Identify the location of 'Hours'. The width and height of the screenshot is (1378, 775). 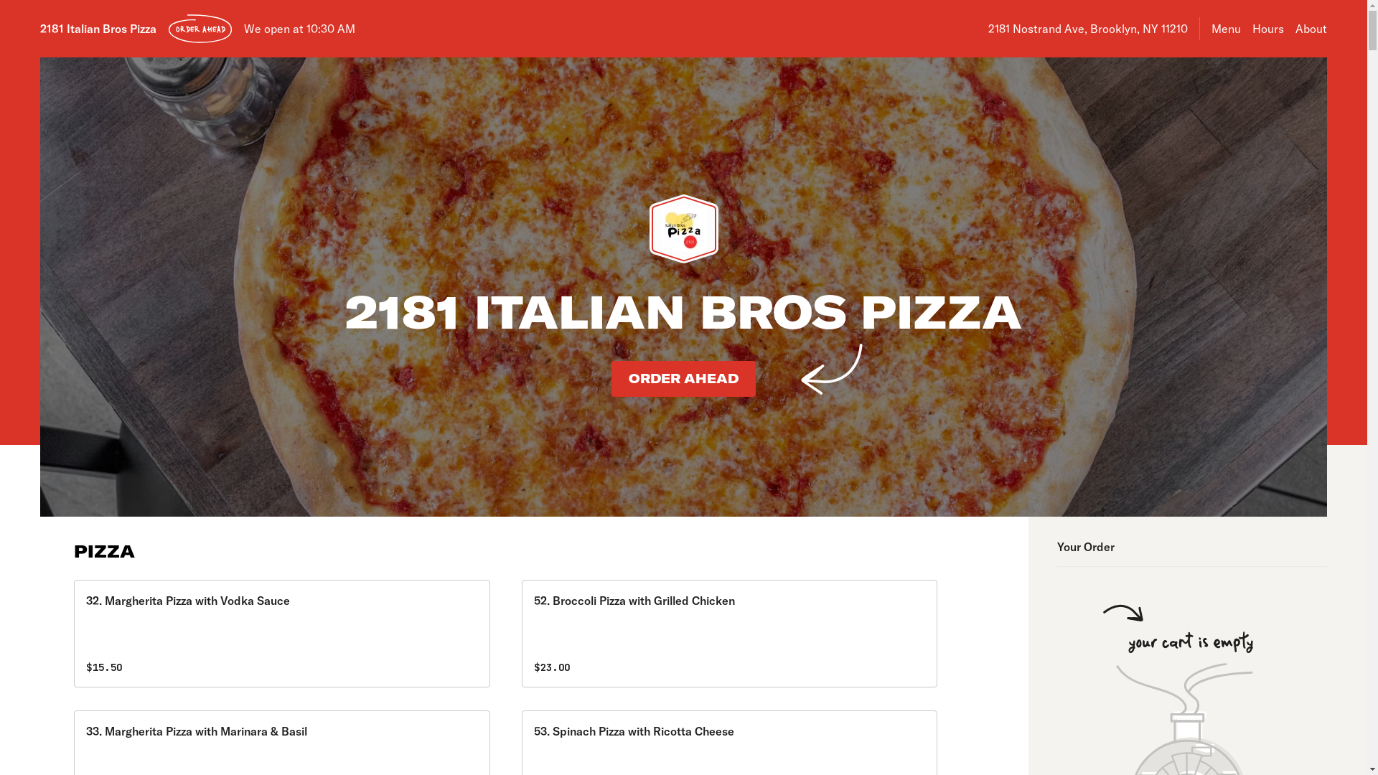
(1267, 28).